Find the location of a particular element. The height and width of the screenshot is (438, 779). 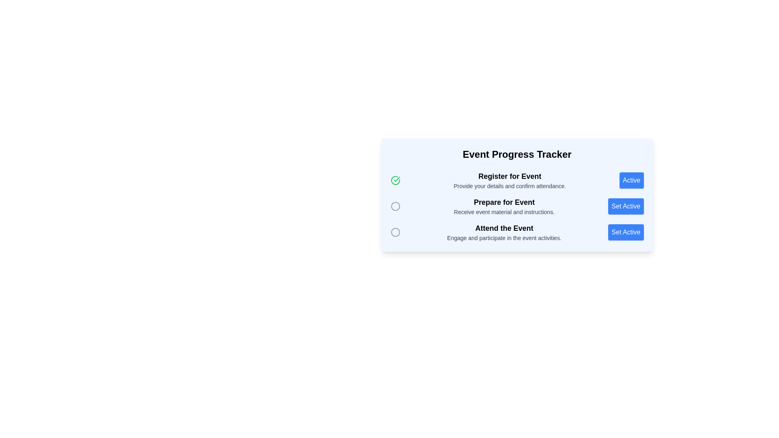

text label that informs users about the current step of registering for an event, located in the first row of the 'Event Progress Tracker' card, between a green circular check mark icon and a blue button labeled 'Active' is located at coordinates (509, 180).